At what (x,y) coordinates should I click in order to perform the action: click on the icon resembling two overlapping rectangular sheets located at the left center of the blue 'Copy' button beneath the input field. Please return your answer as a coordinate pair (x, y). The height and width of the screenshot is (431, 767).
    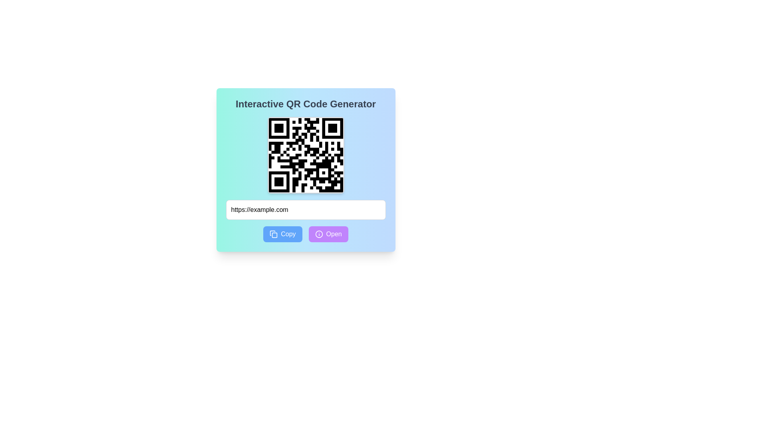
    Looking at the image, I should click on (274, 233).